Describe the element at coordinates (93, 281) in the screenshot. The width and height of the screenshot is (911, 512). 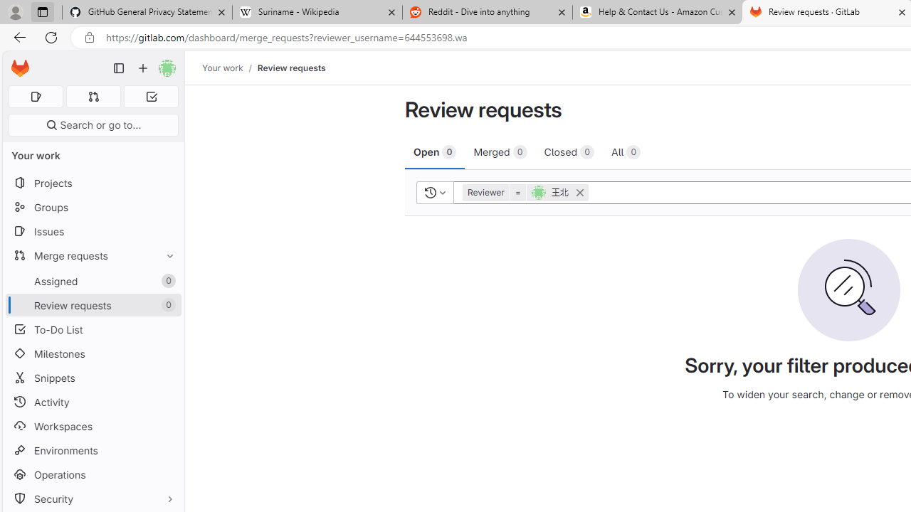
I see `'Assigned 0'` at that location.